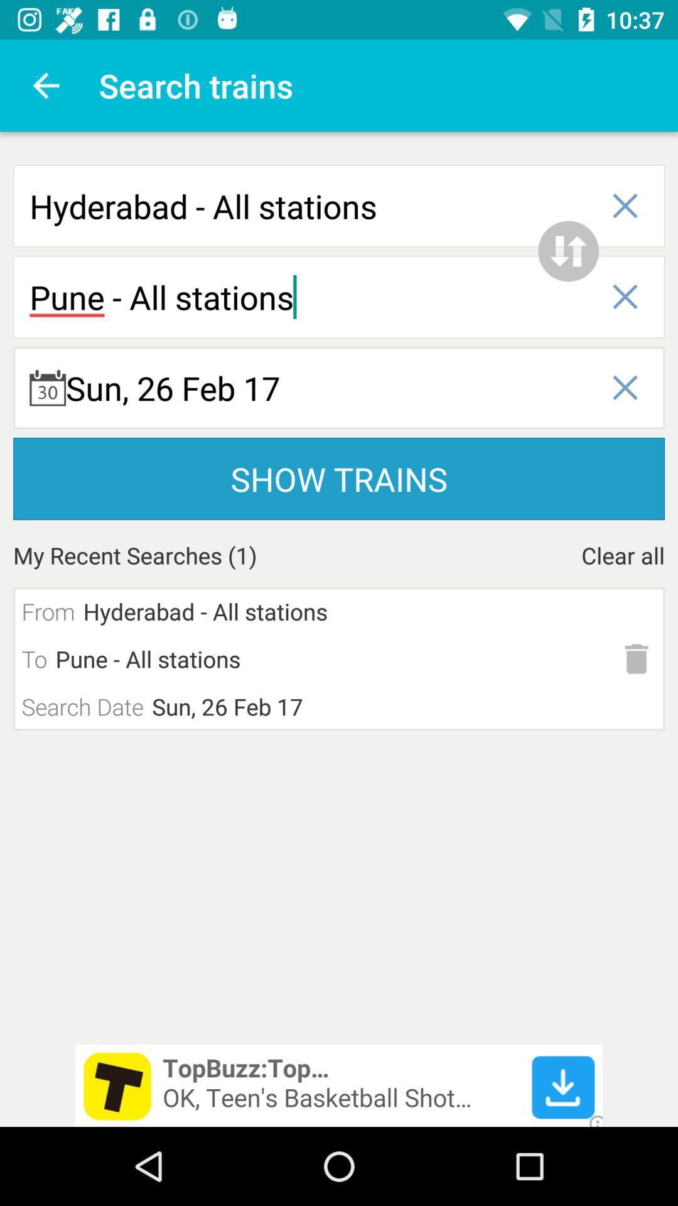  What do you see at coordinates (637, 658) in the screenshot?
I see `discard recent searches` at bounding box center [637, 658].